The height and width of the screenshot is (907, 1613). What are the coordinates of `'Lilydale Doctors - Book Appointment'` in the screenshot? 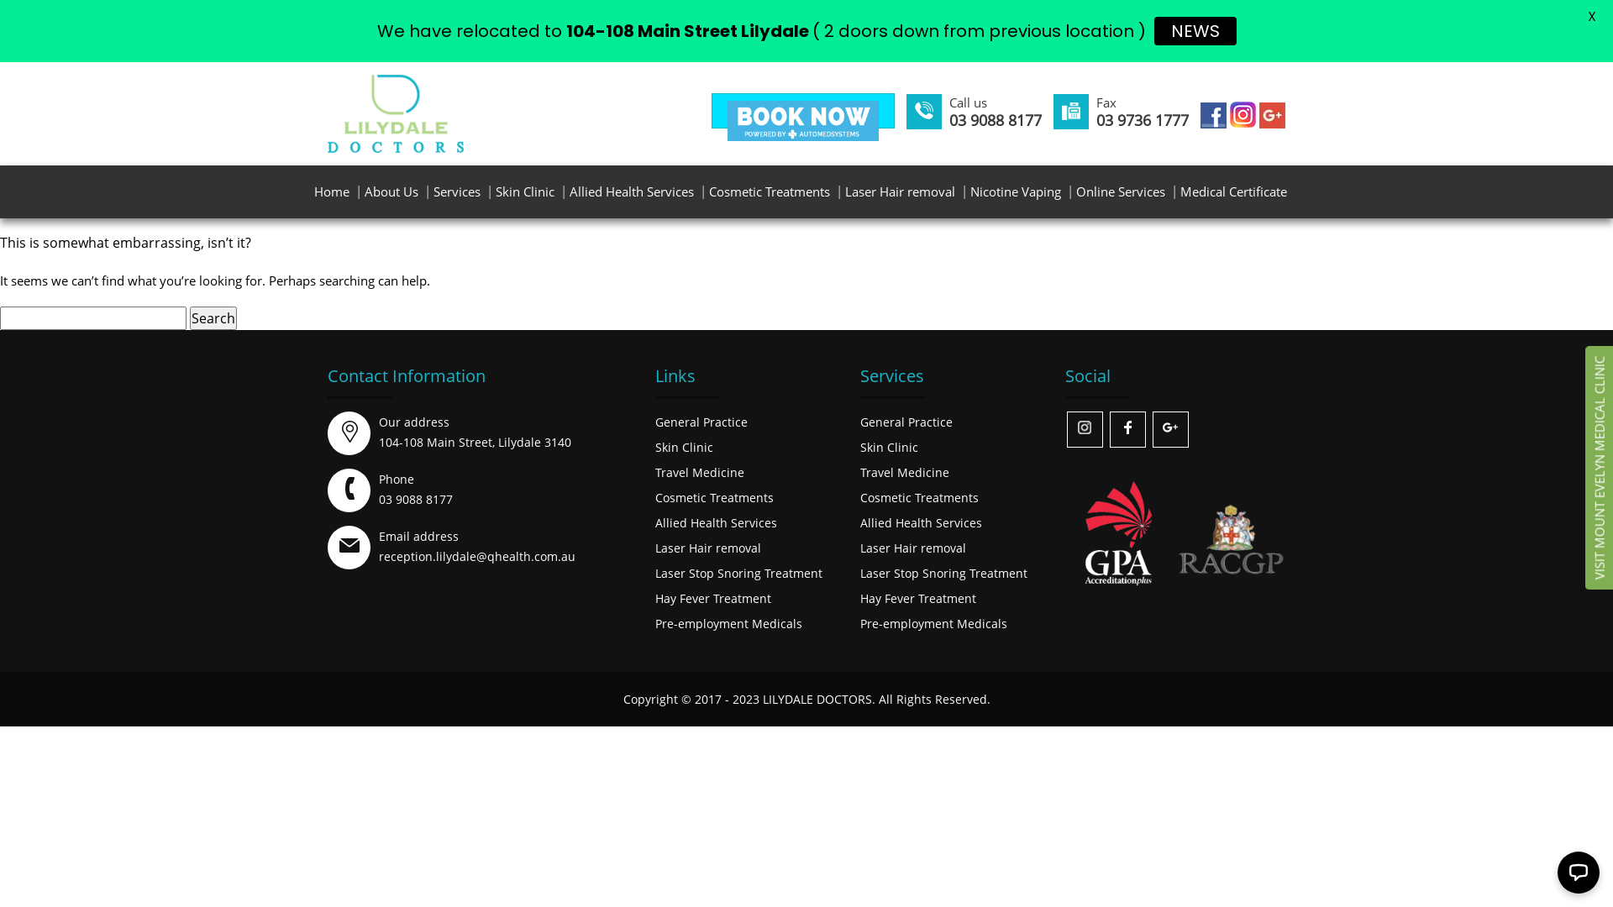 It's located at (727, 119).